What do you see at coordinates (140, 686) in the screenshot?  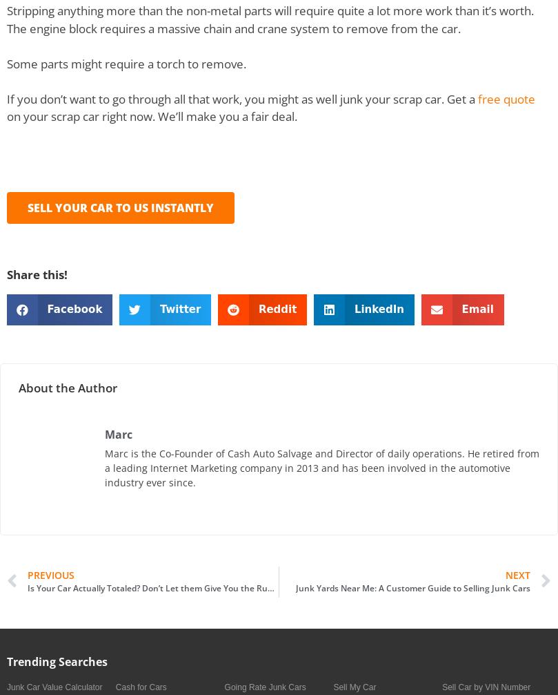 I see `'Cash for Cars'` at bounding box center [140, 686].